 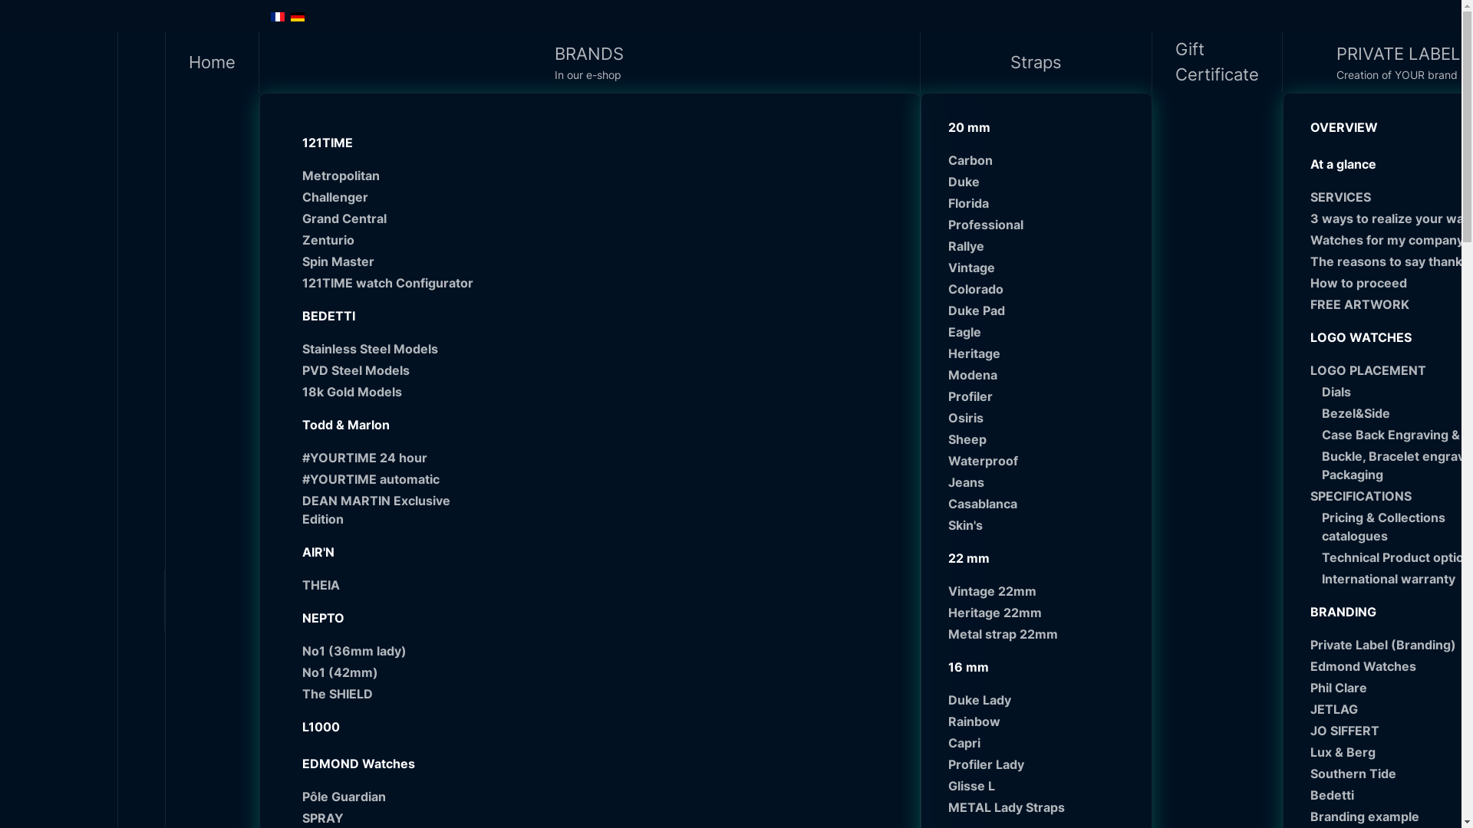 What do you see at coordinates (388, 694) in the screenshot?
I see `'The SHIELD'` at bounding box center [388, 694].